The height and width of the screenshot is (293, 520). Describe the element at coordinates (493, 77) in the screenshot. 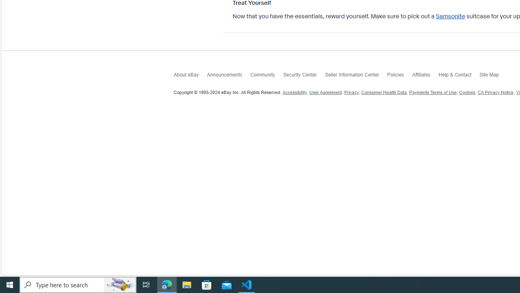

I see `'Site Map'` at that location.